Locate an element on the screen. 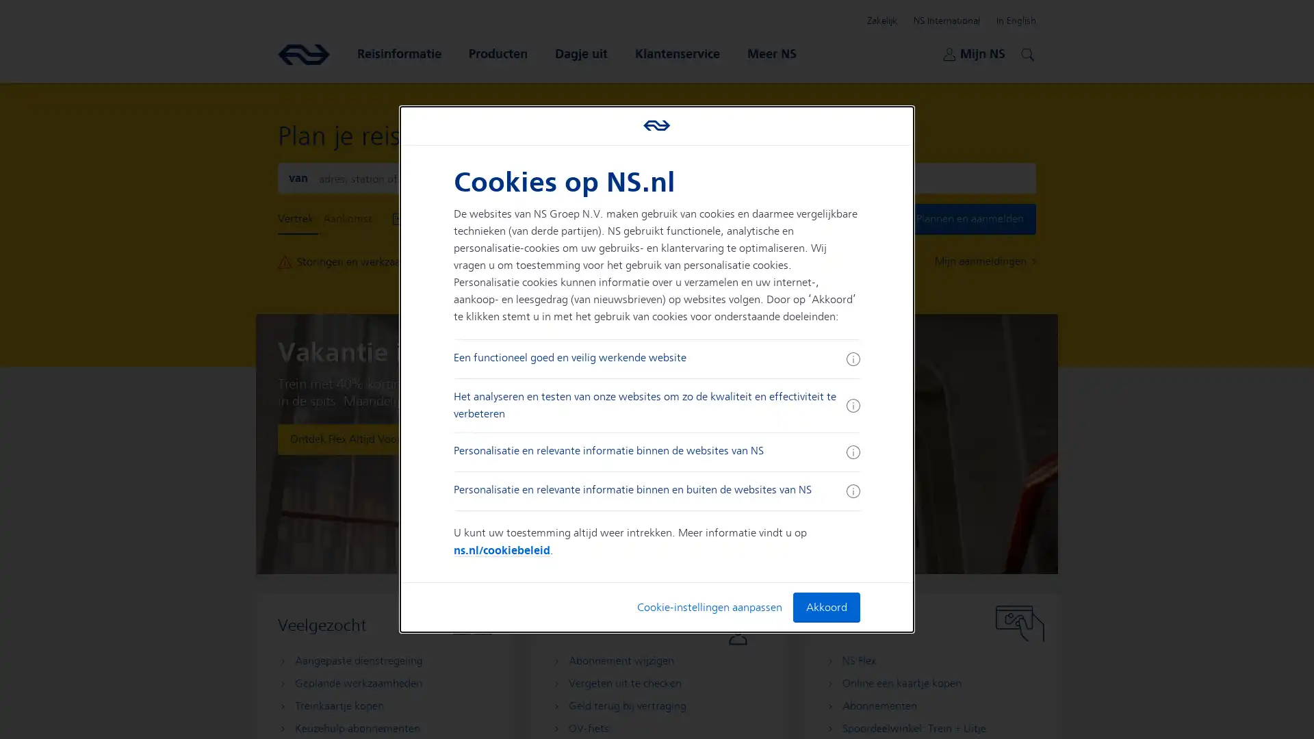 This screenshot has height=739, width=1314. Zoeken is located at coordinates (1025, 52).